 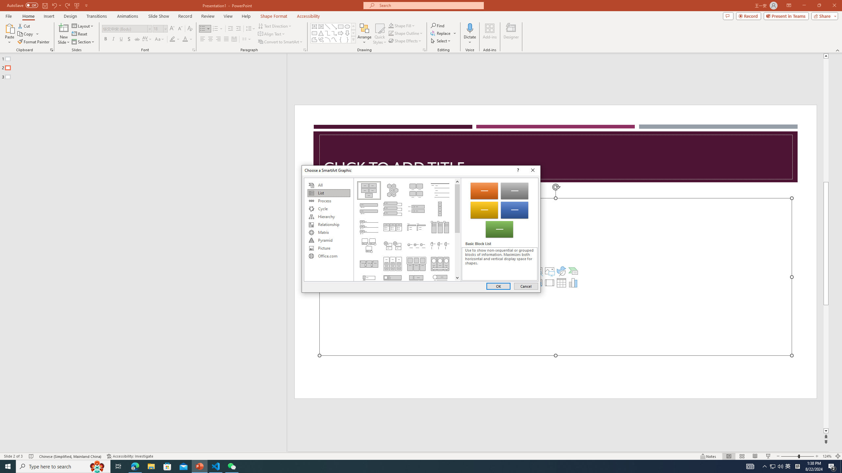 What do you see at coordinates (823, 15) in the screenshot?
I see `'Share'` at bounding box center [823, 15].